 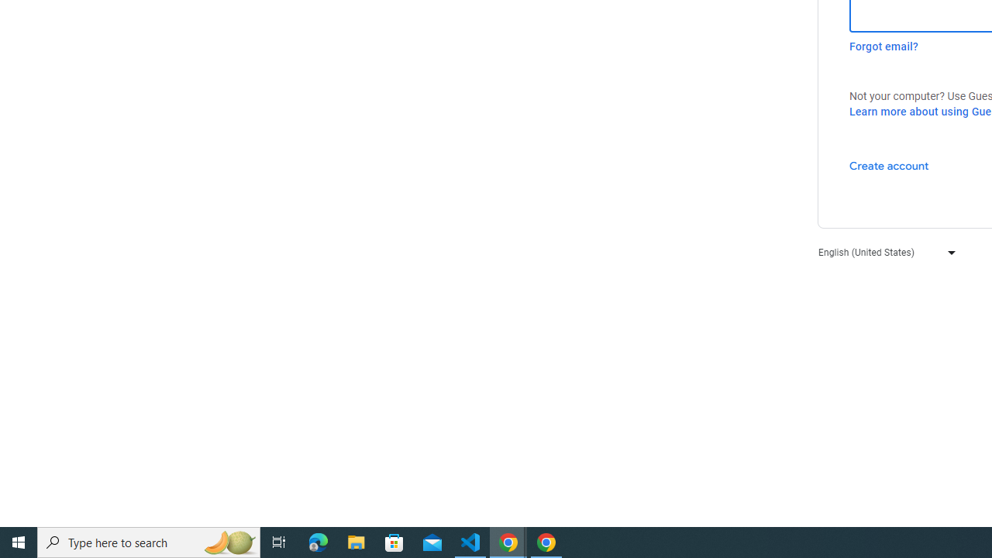 I want to click on 'Forgot email?', so click(x=883, y=46).